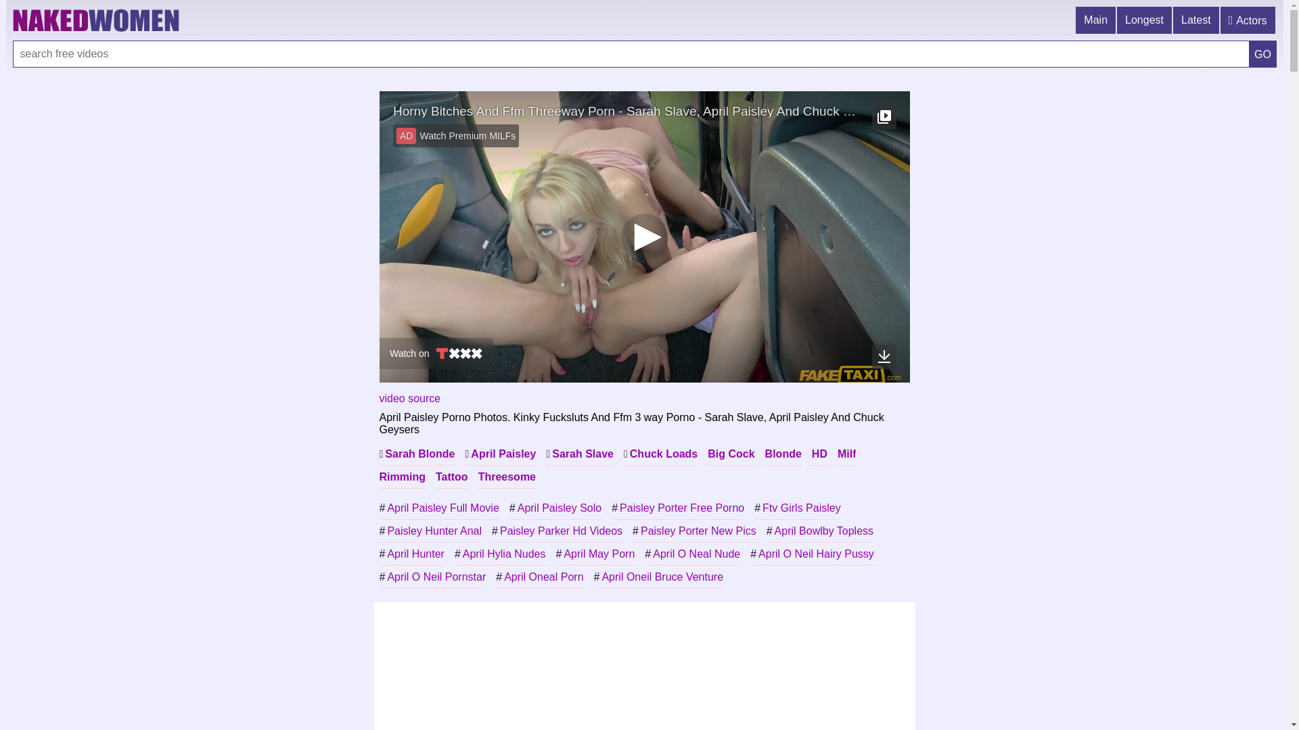 The image size is (1299, 730). What do you see at coordinates (12, 20) in the screenshot?
I see `'Naked women'` at bounding box center [12, 20].